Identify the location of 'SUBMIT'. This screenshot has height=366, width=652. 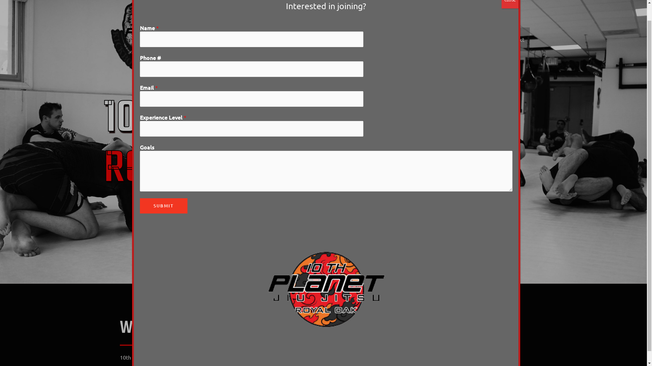
(163, 205).